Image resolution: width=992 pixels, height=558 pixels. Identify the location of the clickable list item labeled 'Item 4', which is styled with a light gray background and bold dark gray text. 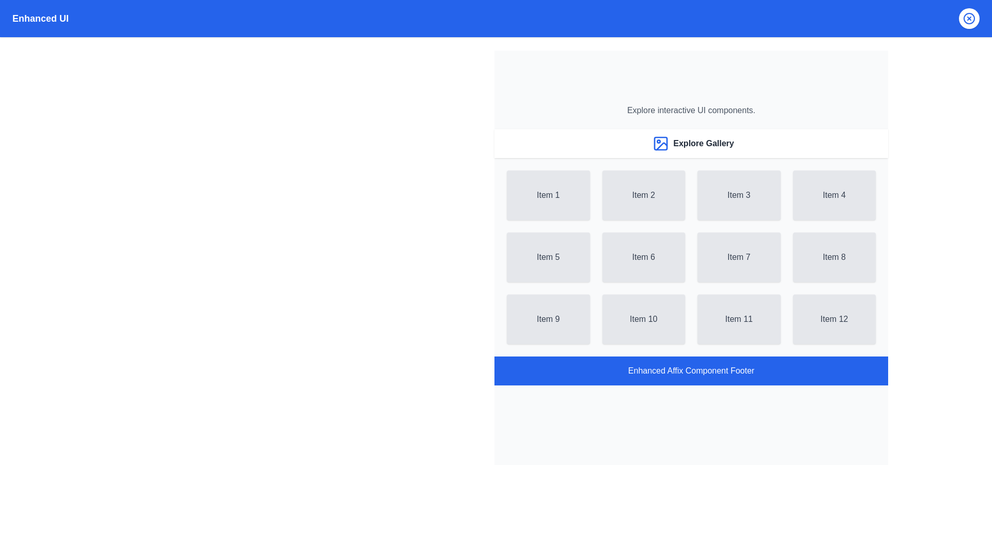
(834, 195).